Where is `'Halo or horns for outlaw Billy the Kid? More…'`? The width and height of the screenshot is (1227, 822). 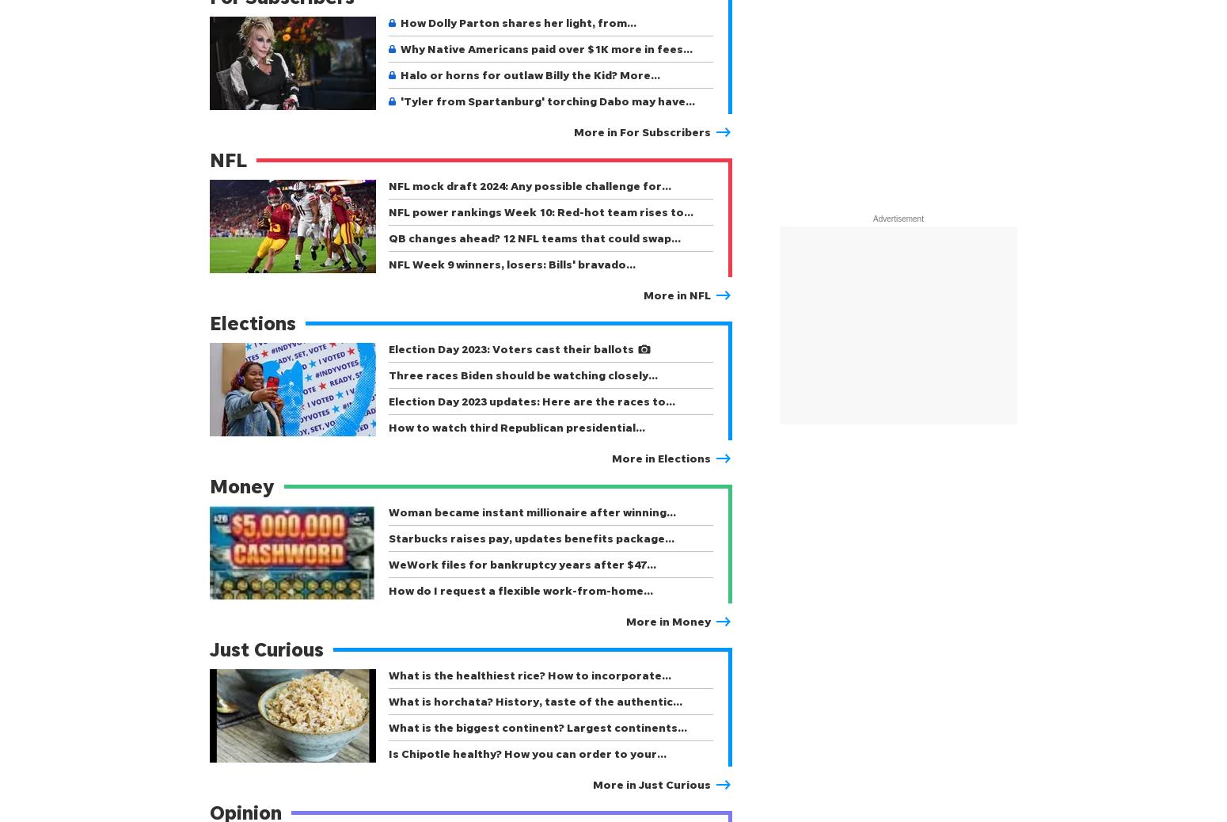 'Halo or horns for outlaw Billy the Kid? More…' is located at coordinates (530, 74).